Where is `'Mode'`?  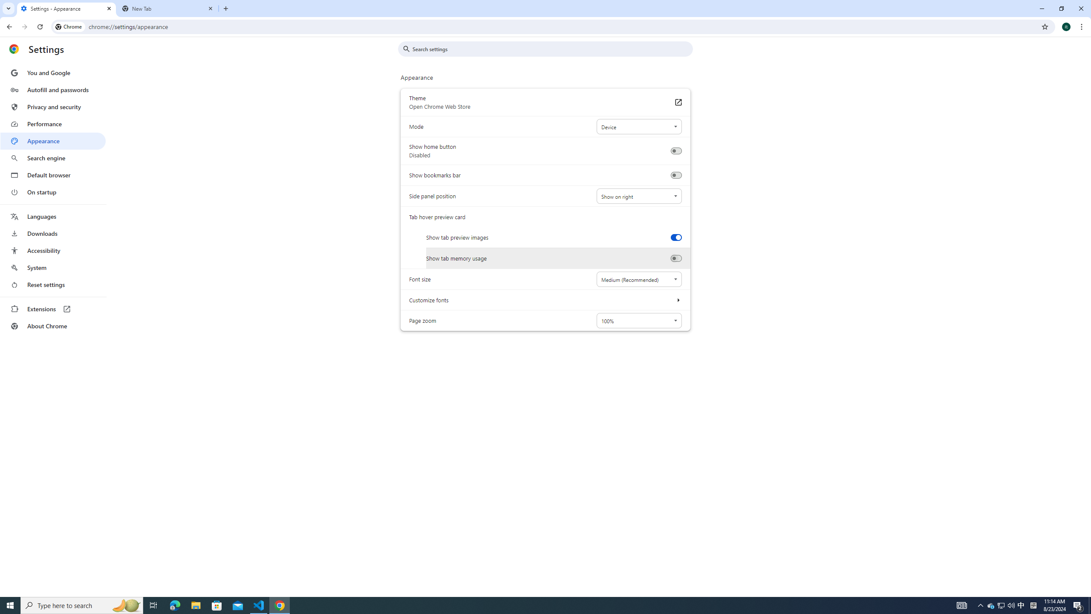 'Mode' is located at coordinates (638, 126).